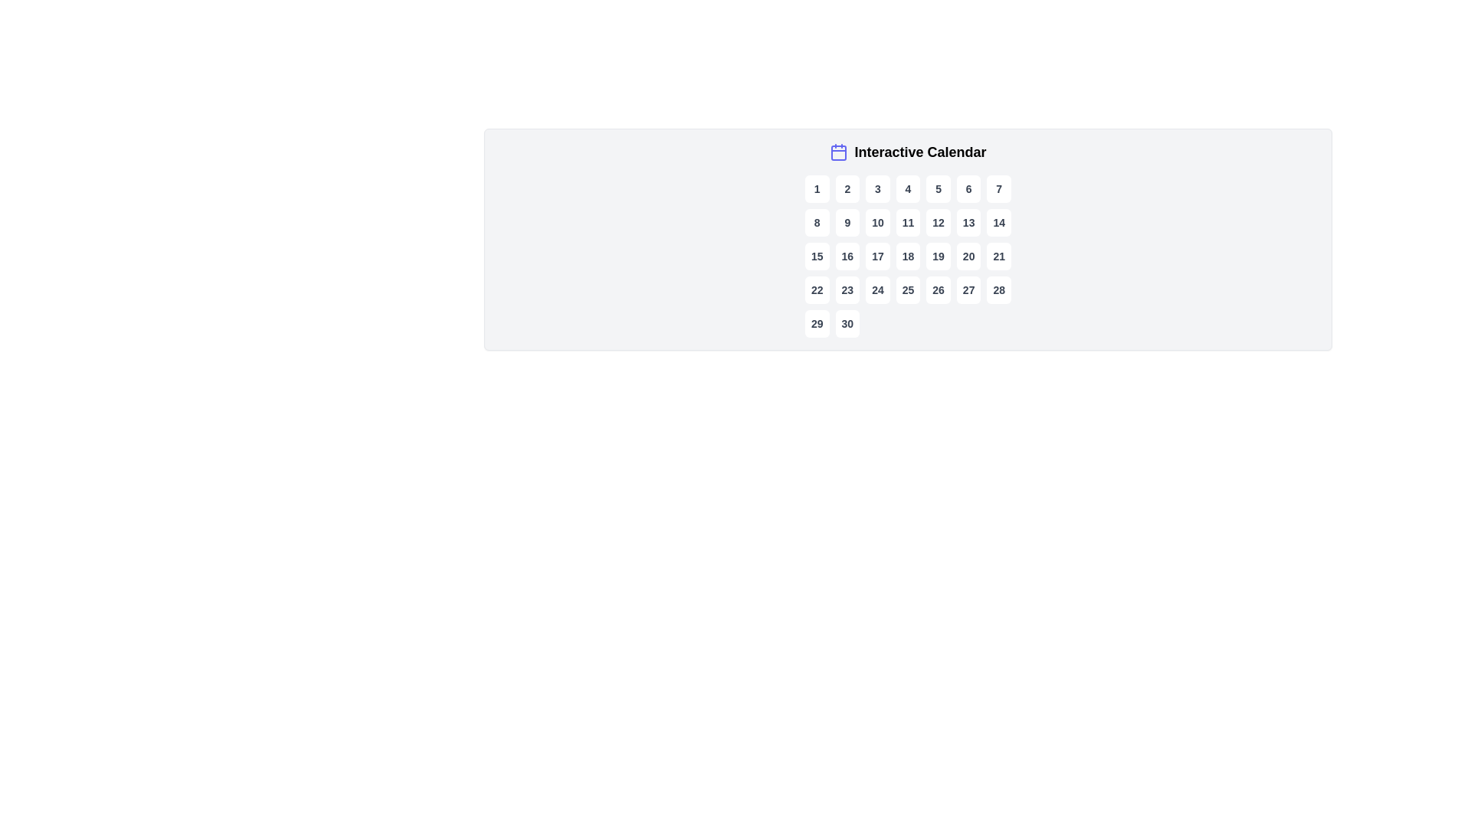 The width and height of the screenshot is (1471, 827). What do you see at coordinates (847, 188) in the screenshot?
I see `the date selection button representing '2' in the calendar grid` at bounding box center [847, 188].